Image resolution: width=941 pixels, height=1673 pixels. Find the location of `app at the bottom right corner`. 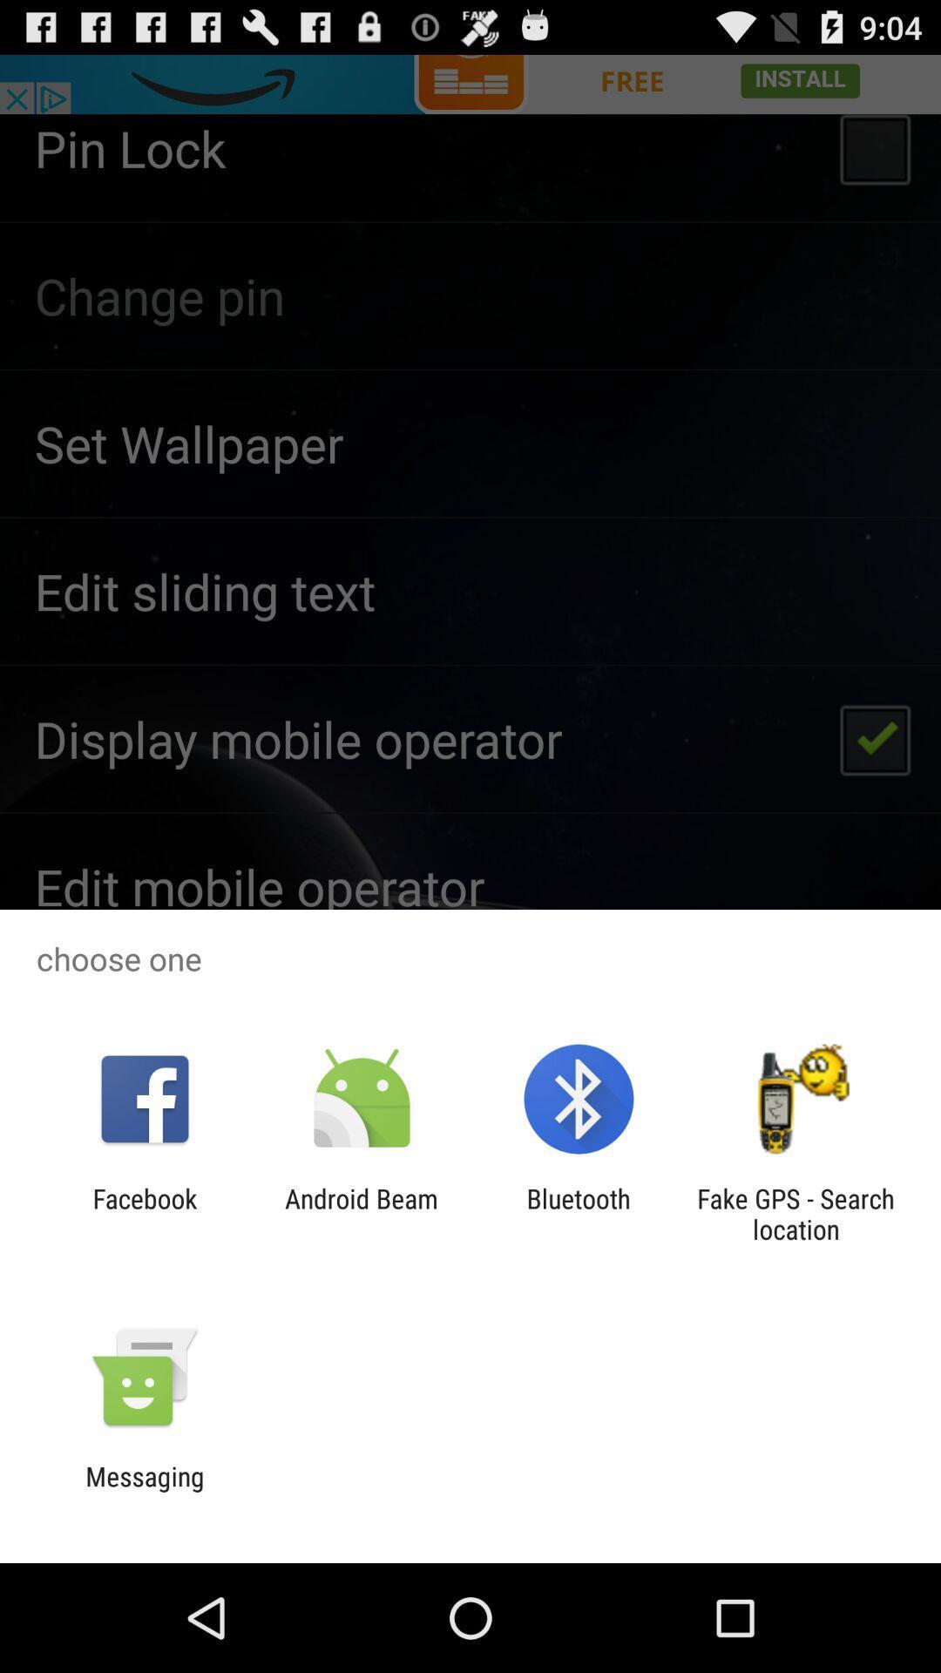

app at the bottom right corner is located at coordinates (795, 1213).